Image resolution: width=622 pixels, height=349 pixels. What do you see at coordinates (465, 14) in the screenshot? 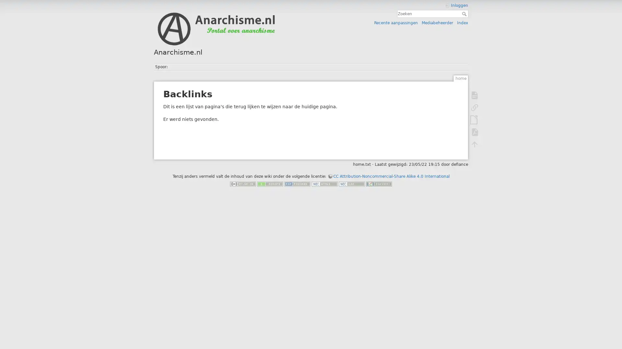
I see `Zoeken` at bounding box center [465, 14].